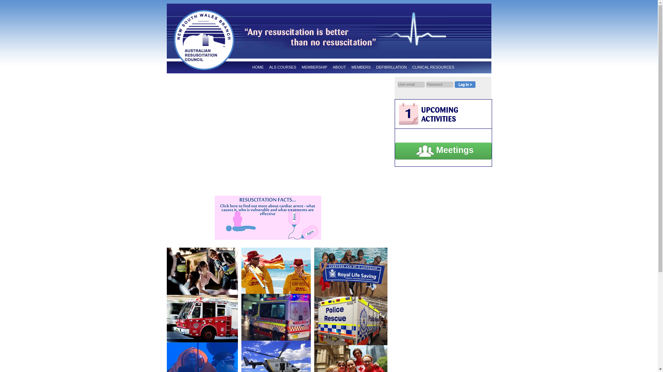 The image size is (663, 372). What do you see at coordinates (257, 67) in the screenshot?
I see `'HOME'` at bounding box center [257, 67].